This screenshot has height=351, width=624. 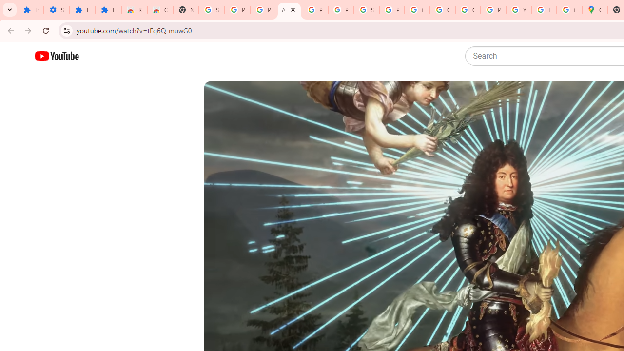 What do you see at coordinates (17, 56) in the screenshot?
I see `'Guide'` at bounding box center [17, 56].